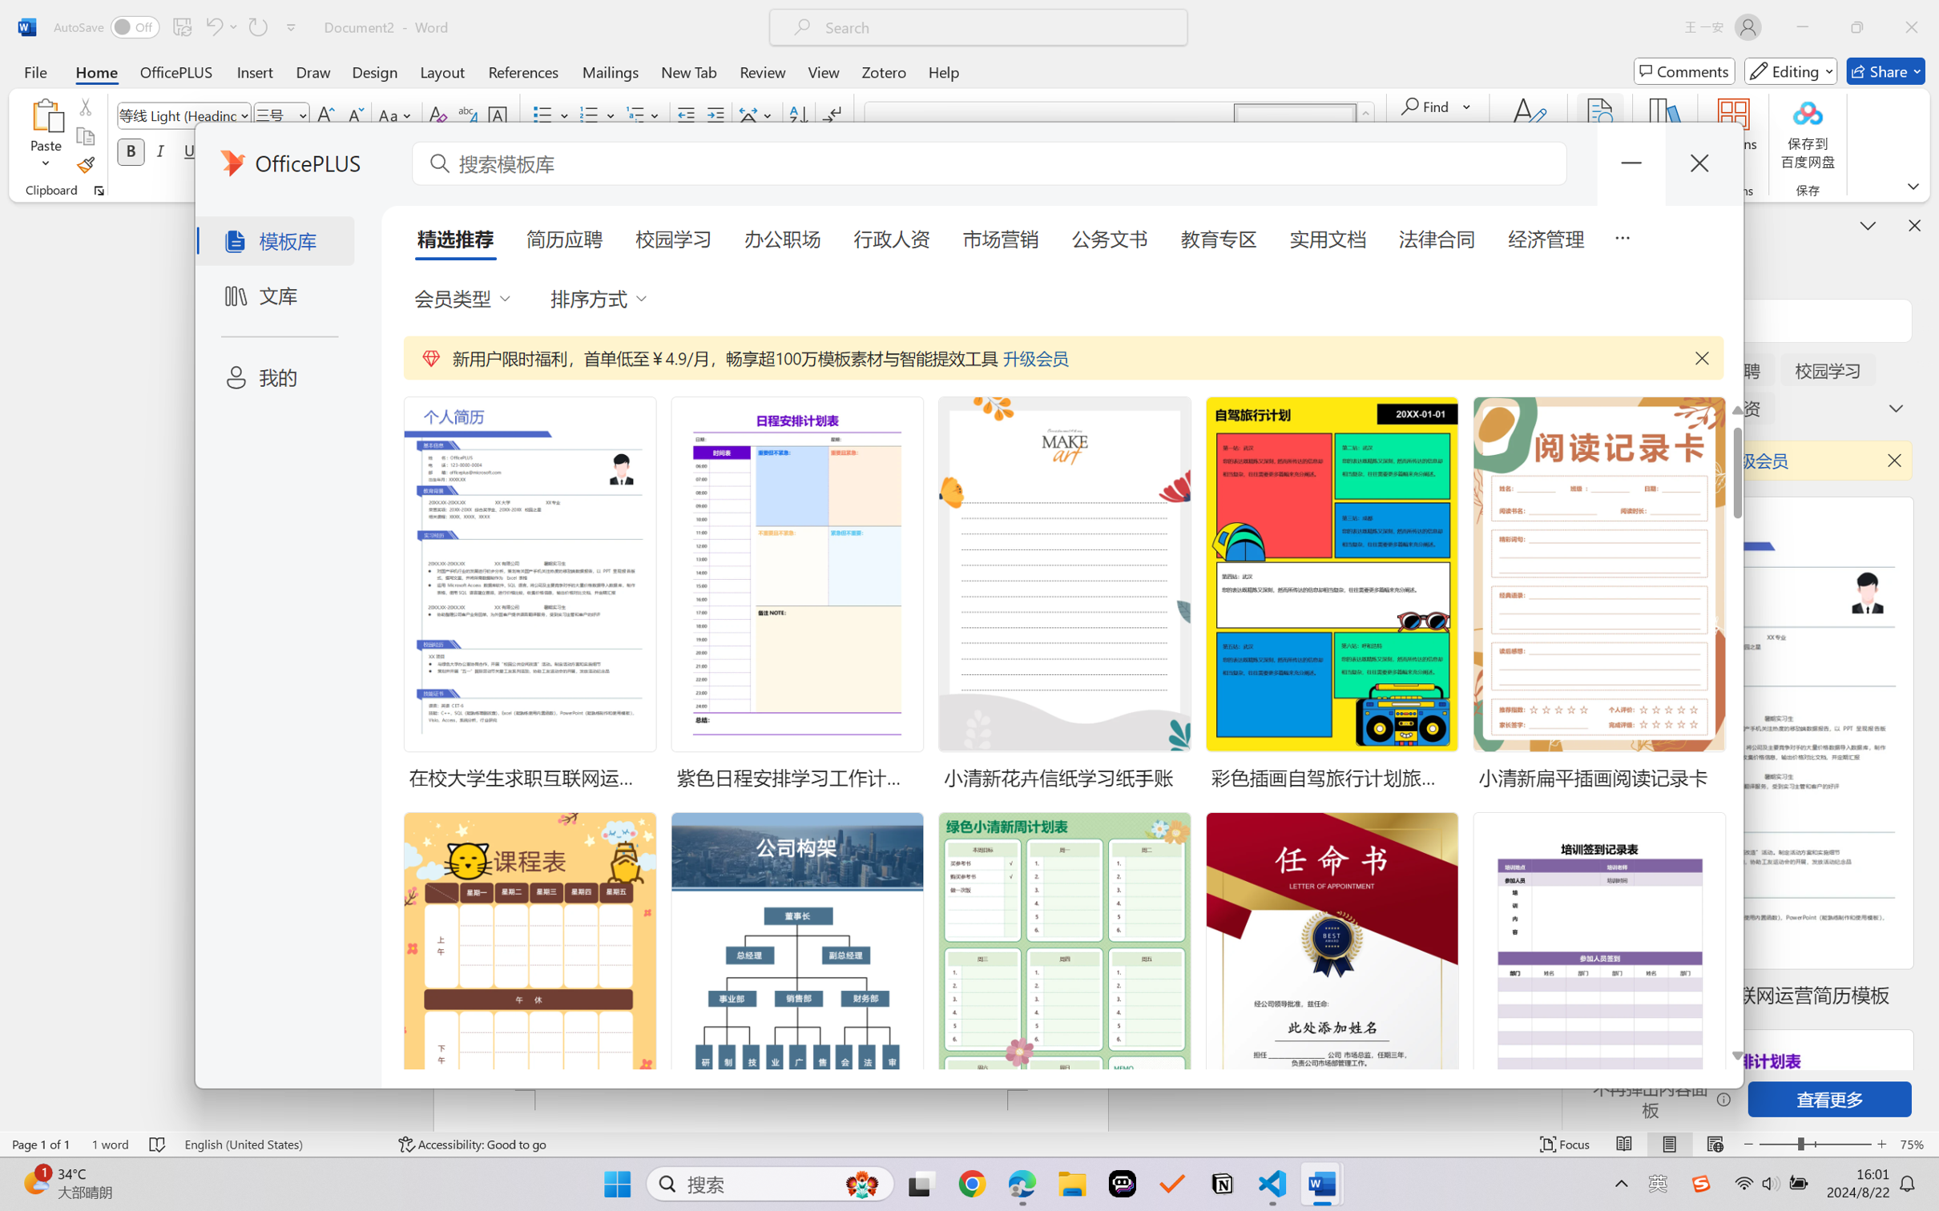 This screenshot has width=1939, height=1211. Describe the element at coordinates (883, 70) in the screenshot. I see `'Zotero'` at that location.